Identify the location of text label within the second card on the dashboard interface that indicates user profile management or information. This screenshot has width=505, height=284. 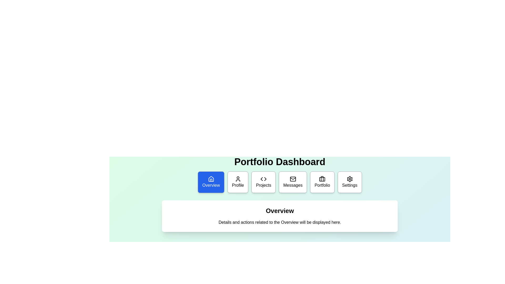
(238, 185).